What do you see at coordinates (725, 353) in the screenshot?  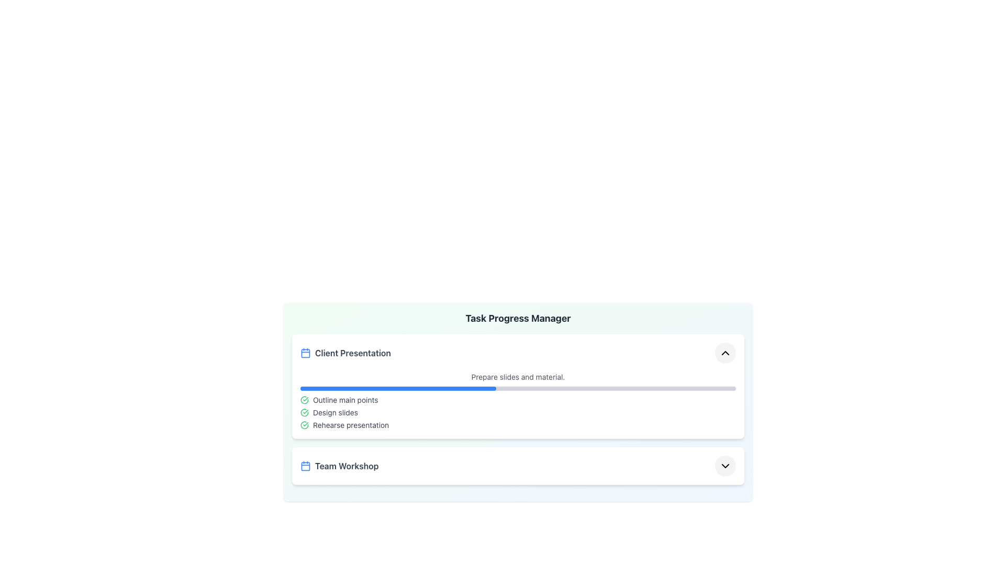 I see `the chevron-up icon in the top-right corner of the 'Client Presentation' section` at bounding box center [725, 353].